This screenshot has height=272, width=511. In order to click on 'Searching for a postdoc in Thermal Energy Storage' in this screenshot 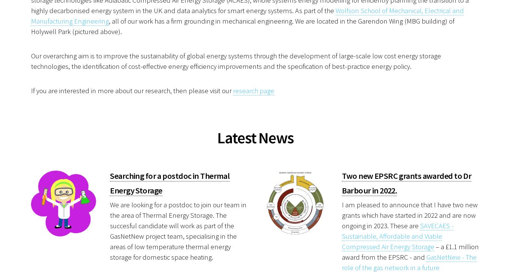, I will do `click(169, 183)`.